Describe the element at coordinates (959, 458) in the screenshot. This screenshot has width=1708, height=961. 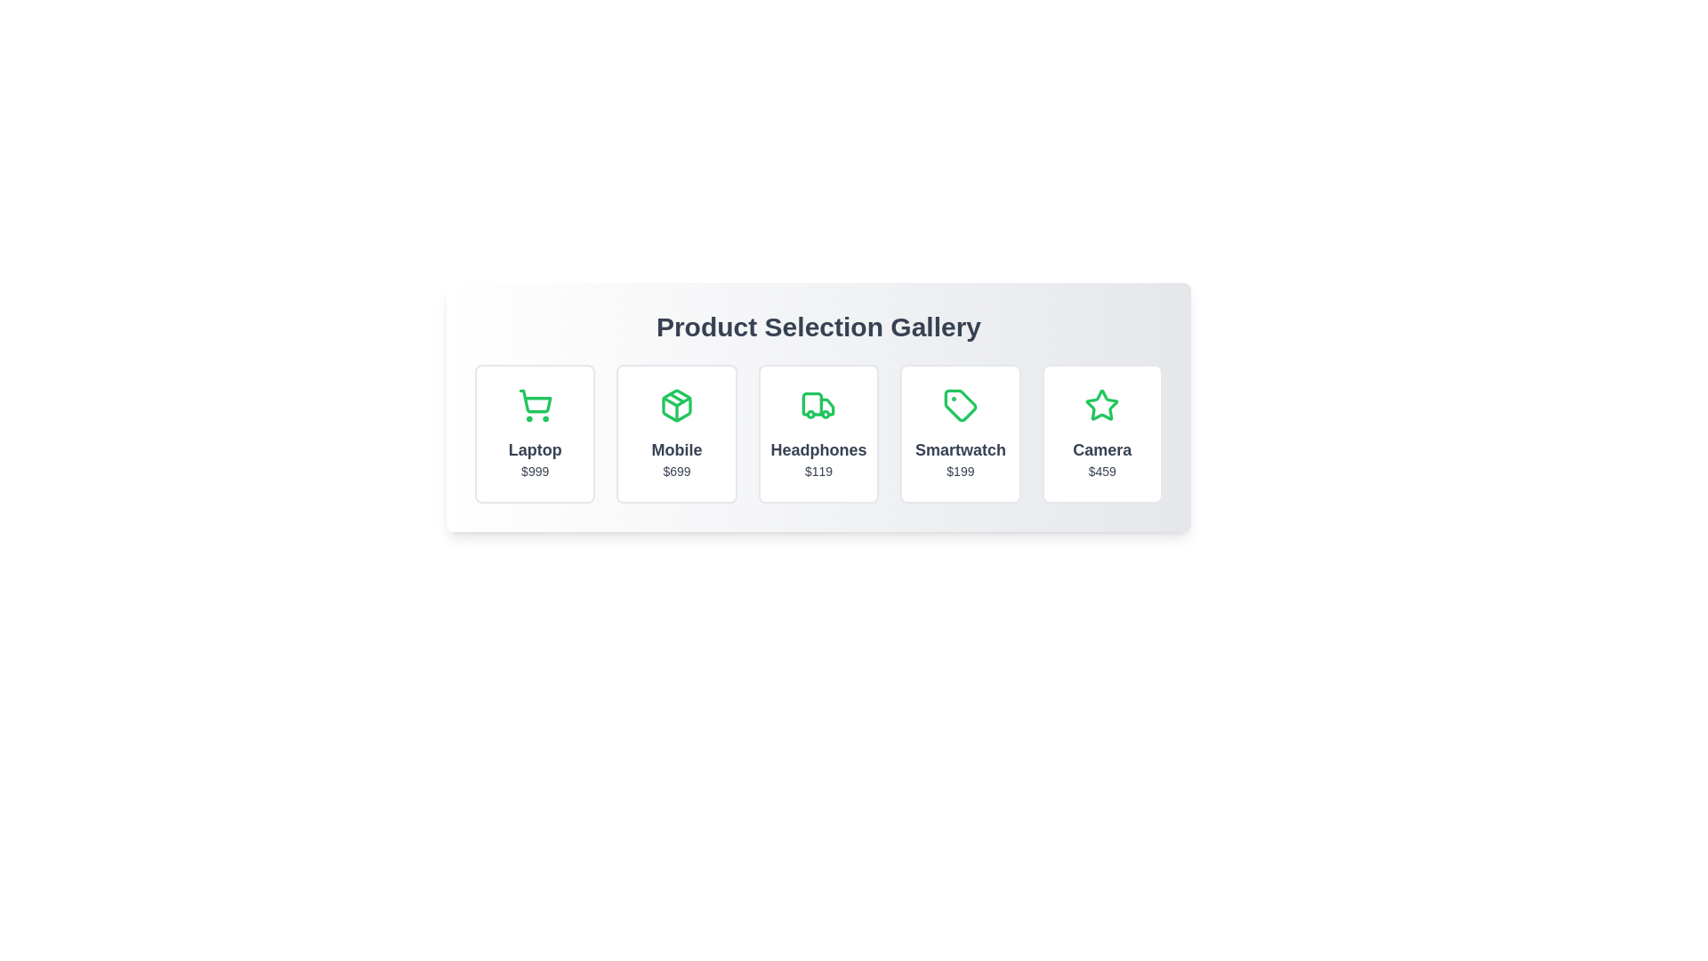
I see `text from the product name and price label located in the fourth position of the product cards gallery, which displays 'Smartwatch' and '$199'` at that location.